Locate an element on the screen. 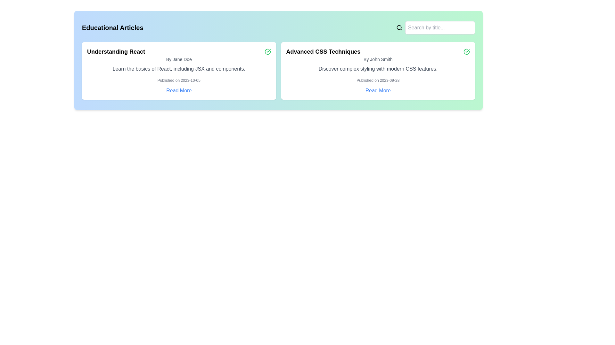 Image resolution: width=615 pixels, height=345 pixels. textual content of the preview card for the learning article about React, which is located in the leftmost column of the 'Educational Articles' section is located at coordinates (179, 71).